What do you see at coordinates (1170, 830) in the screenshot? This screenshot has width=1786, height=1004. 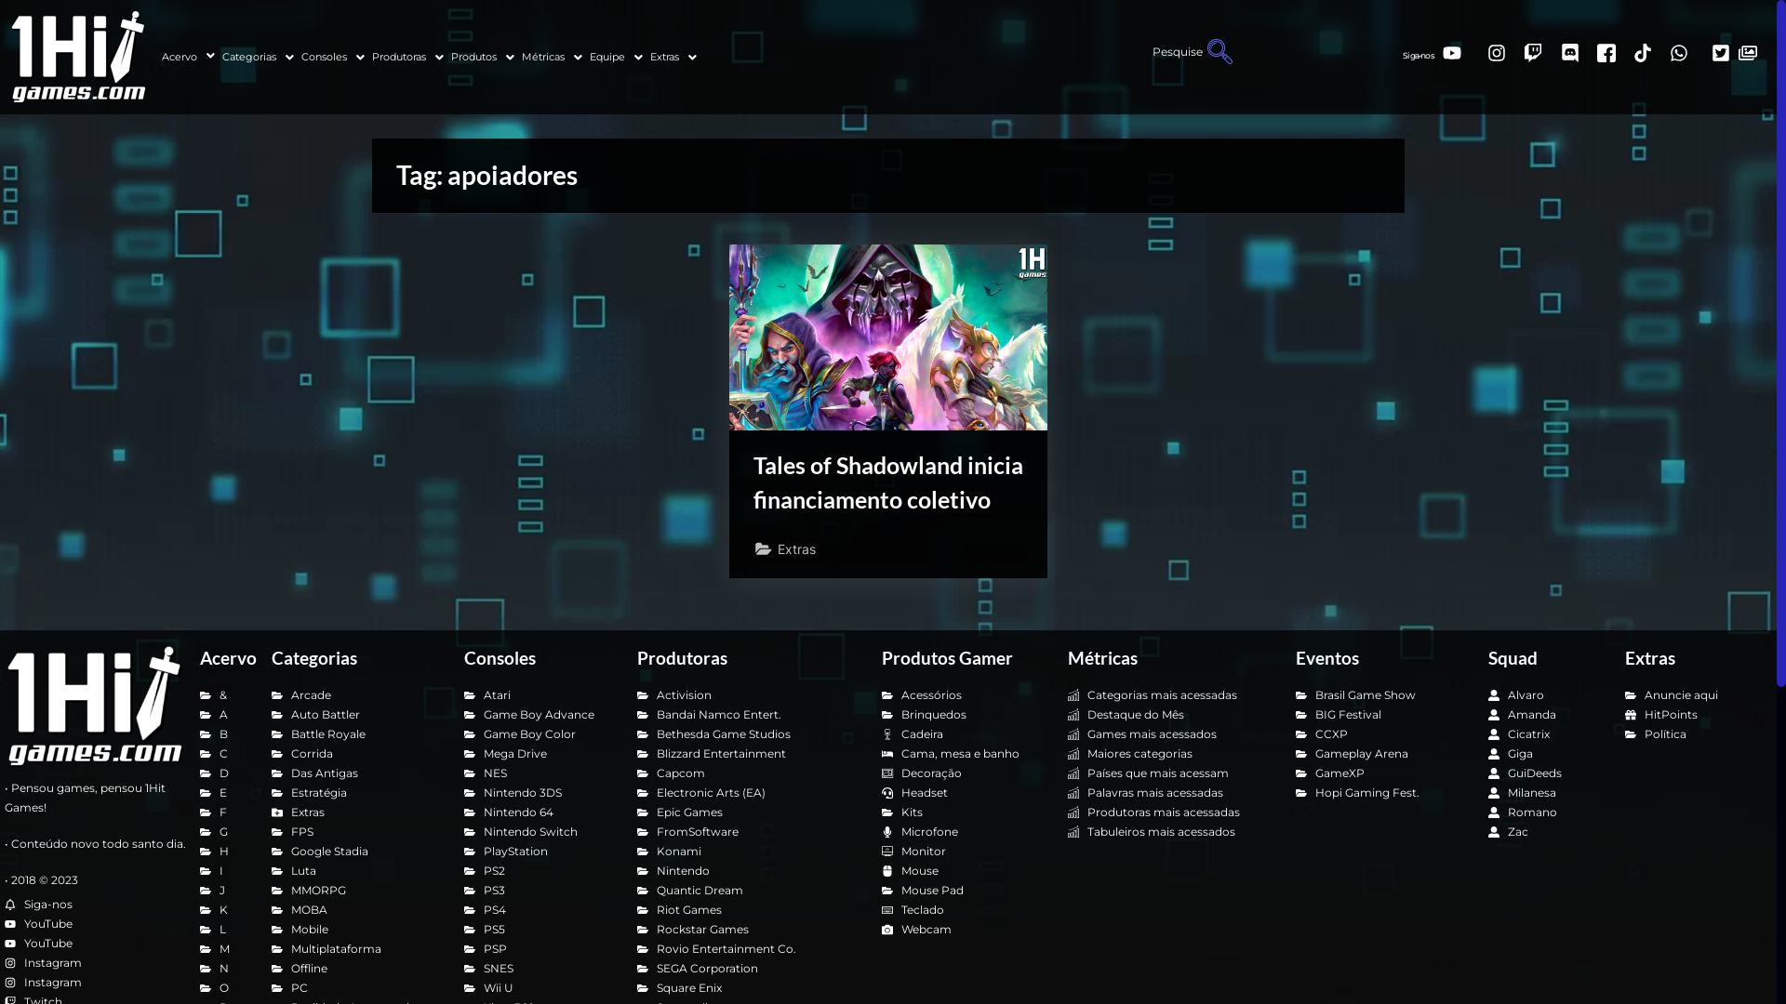 I see `'Tabuleiros mais acessados'` at bounding box center [1170, 830].